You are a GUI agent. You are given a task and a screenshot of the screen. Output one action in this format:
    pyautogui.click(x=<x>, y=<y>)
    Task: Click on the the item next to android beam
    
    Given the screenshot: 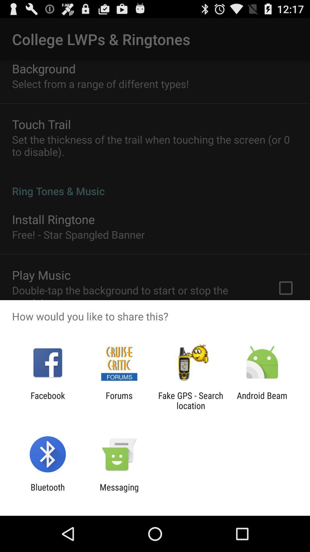 What is the action you would take?
    pyautogui.click(x=191, y=400)
    